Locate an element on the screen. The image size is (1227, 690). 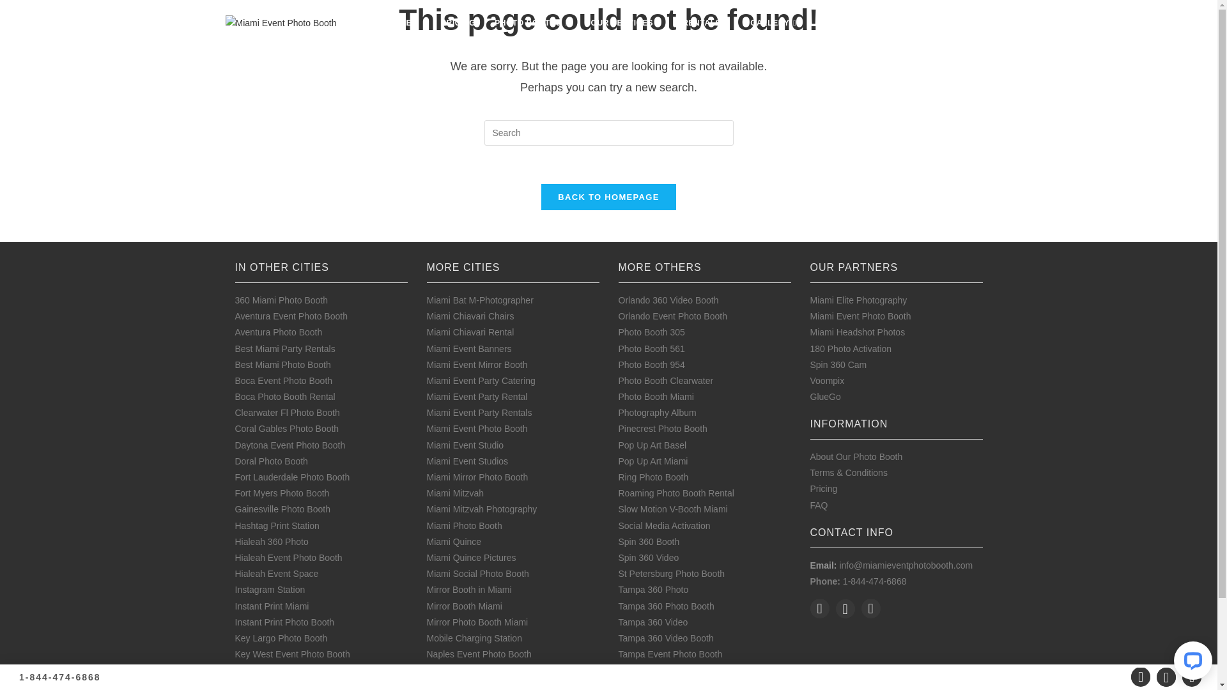
'Photo Booth 561' is located at coordinates (619, 349).